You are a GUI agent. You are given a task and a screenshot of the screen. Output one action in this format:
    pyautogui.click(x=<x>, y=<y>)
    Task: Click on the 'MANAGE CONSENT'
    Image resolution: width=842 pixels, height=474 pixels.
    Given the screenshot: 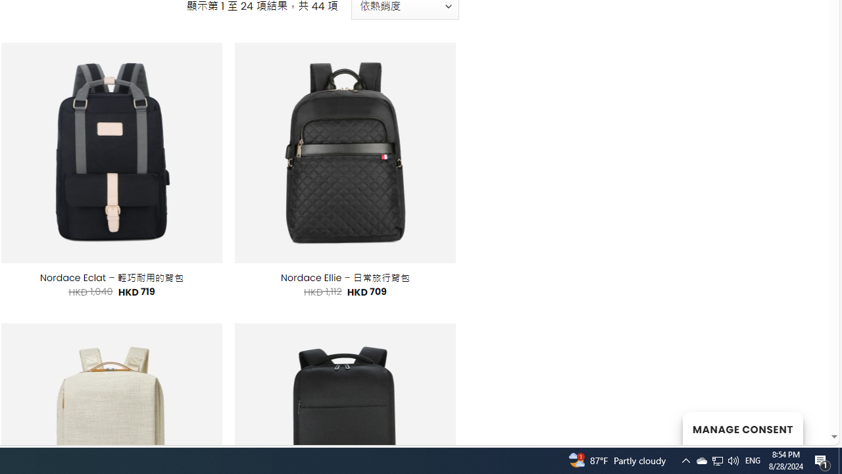 What is the action you would take?
    pyautogui.click(x=742, y=428)
    